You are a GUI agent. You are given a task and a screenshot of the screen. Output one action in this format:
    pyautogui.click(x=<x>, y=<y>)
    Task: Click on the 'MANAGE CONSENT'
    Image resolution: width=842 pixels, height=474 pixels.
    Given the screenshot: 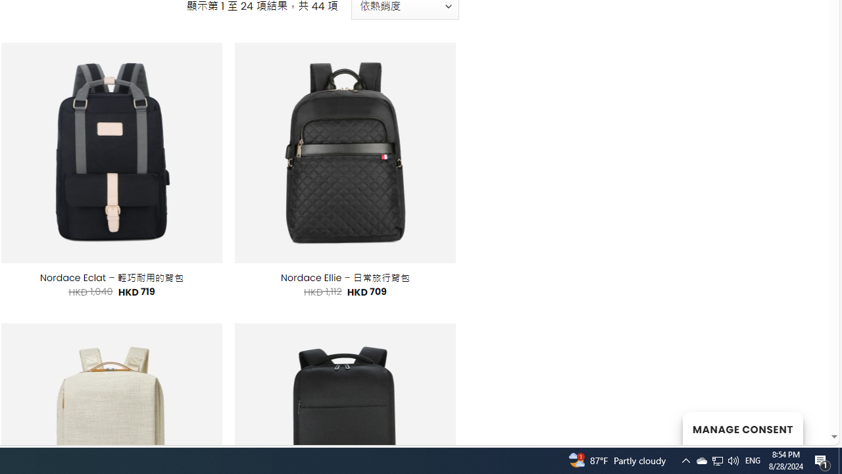 What is the action you would take?
    pyautogui.click(x=742, y=428)
    